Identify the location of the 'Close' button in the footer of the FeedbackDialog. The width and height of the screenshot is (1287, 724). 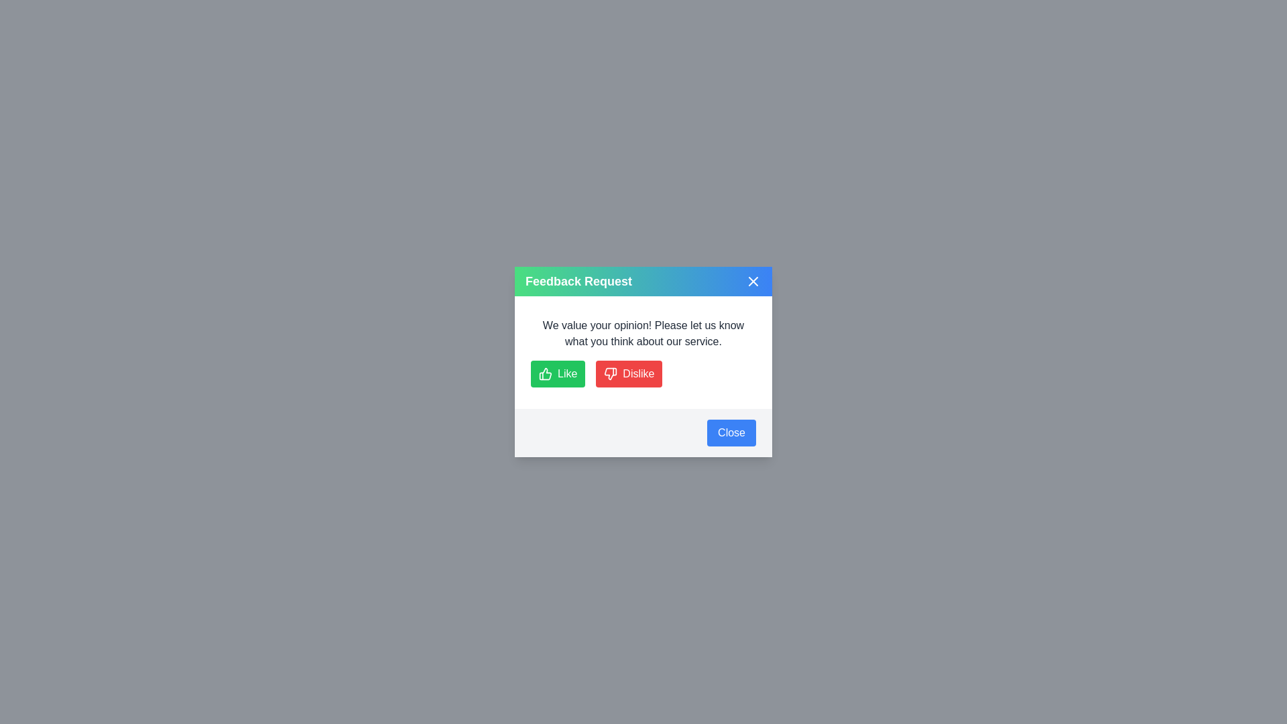
(731, 432).